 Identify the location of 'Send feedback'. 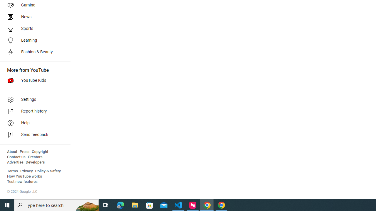
(33, 135).